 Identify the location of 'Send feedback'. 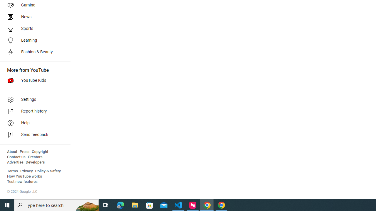
(33, 135).